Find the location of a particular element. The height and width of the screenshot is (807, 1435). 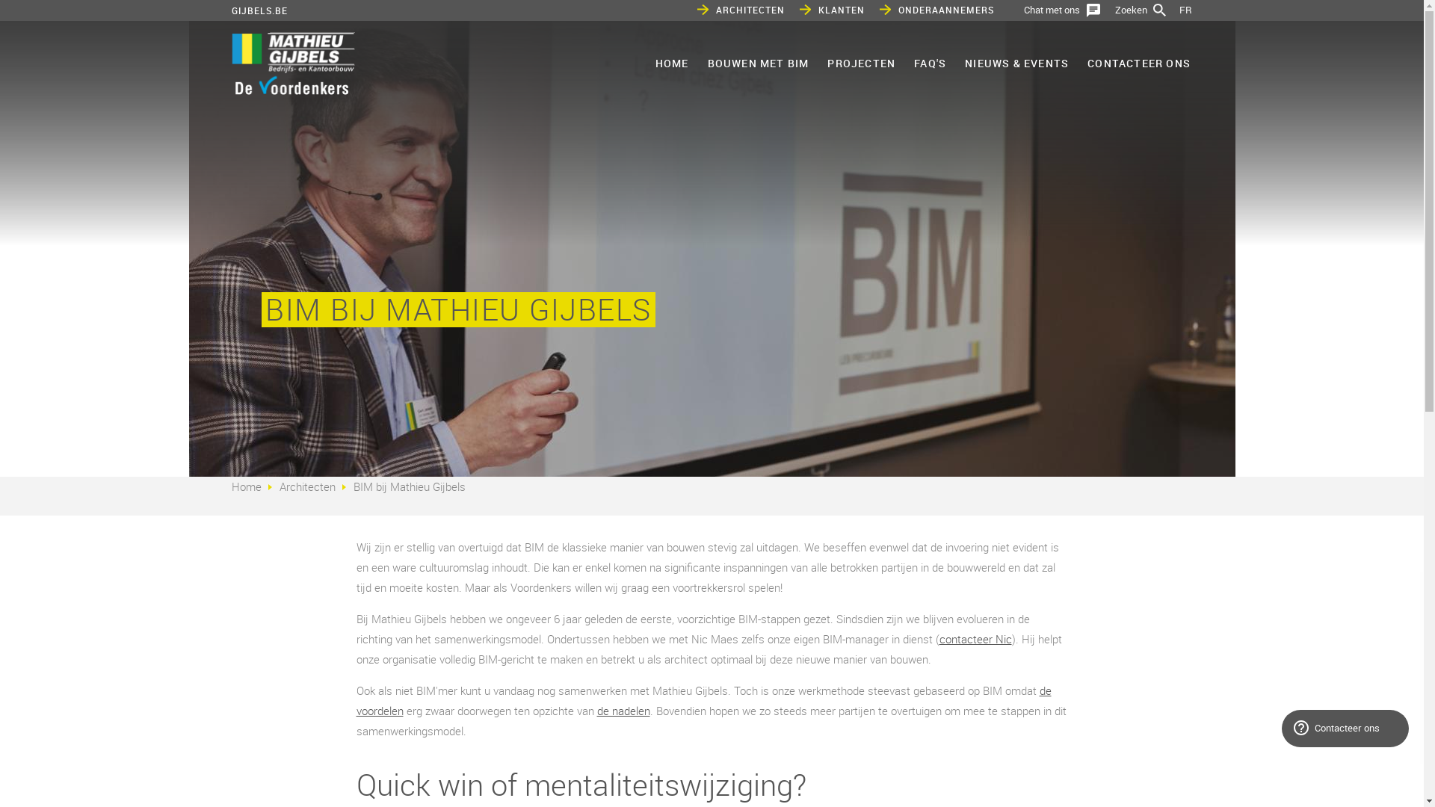

'Contacteer ons' is located at coordinates (1345, 728).